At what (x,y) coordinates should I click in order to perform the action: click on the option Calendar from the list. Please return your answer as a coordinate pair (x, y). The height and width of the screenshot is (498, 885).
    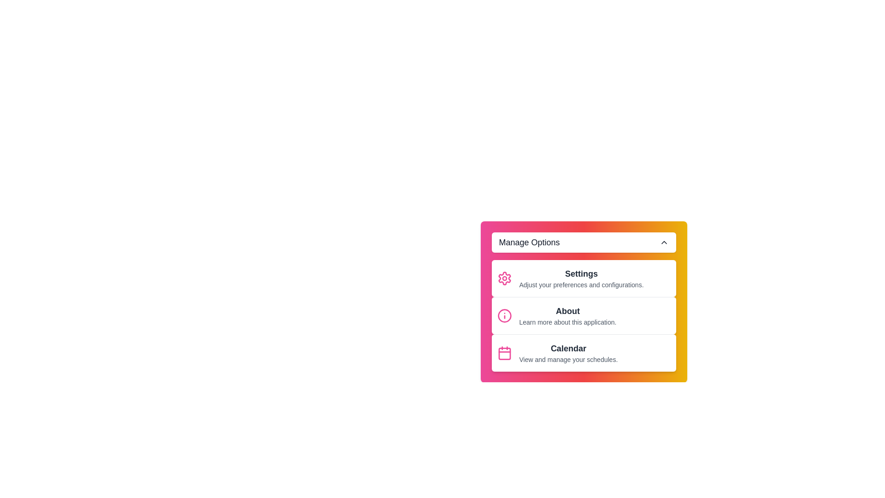
    Looking at the image, I should click on (583, 353).